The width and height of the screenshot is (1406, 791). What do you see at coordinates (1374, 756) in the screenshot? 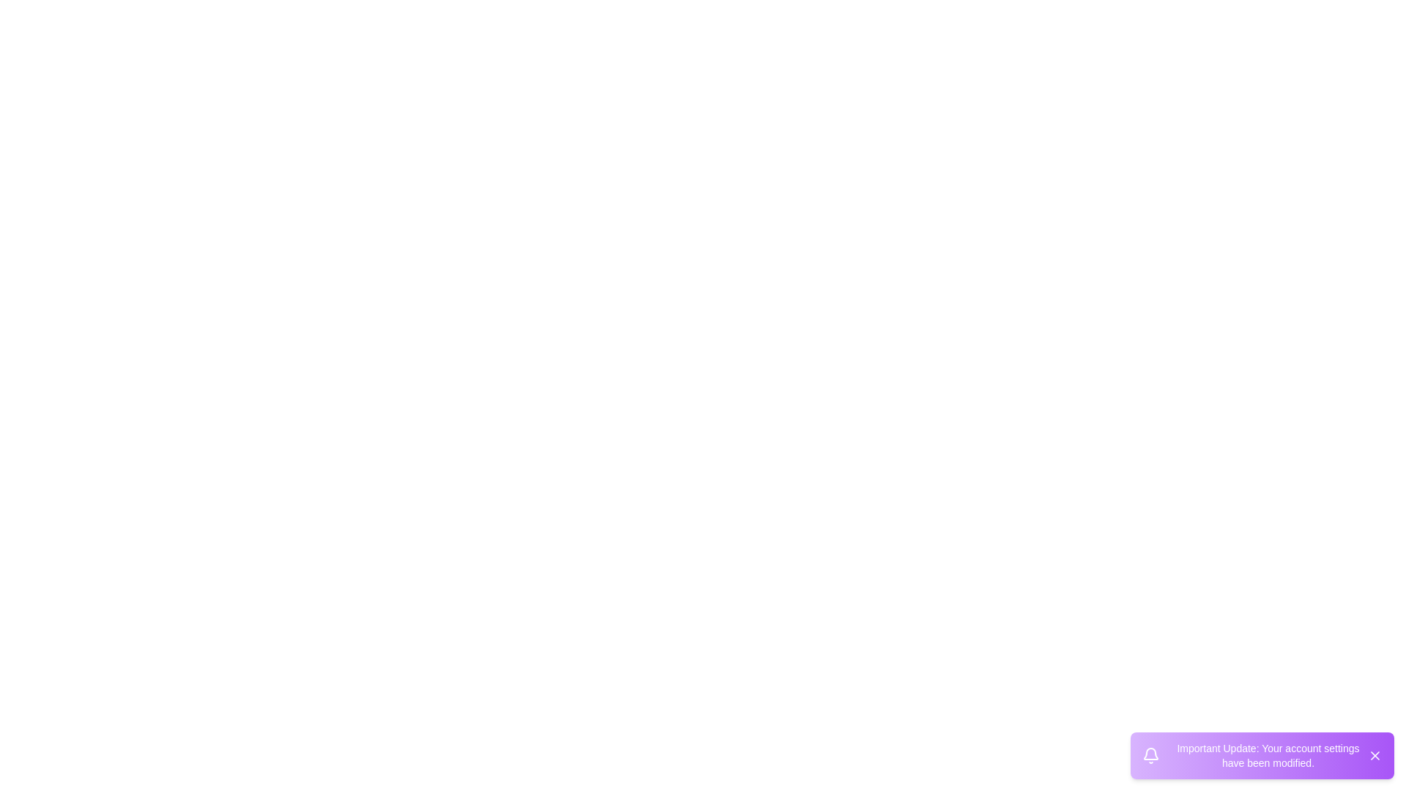
I see `close button on the snackbar to dismiss it` at bounding box center [1374, 756].